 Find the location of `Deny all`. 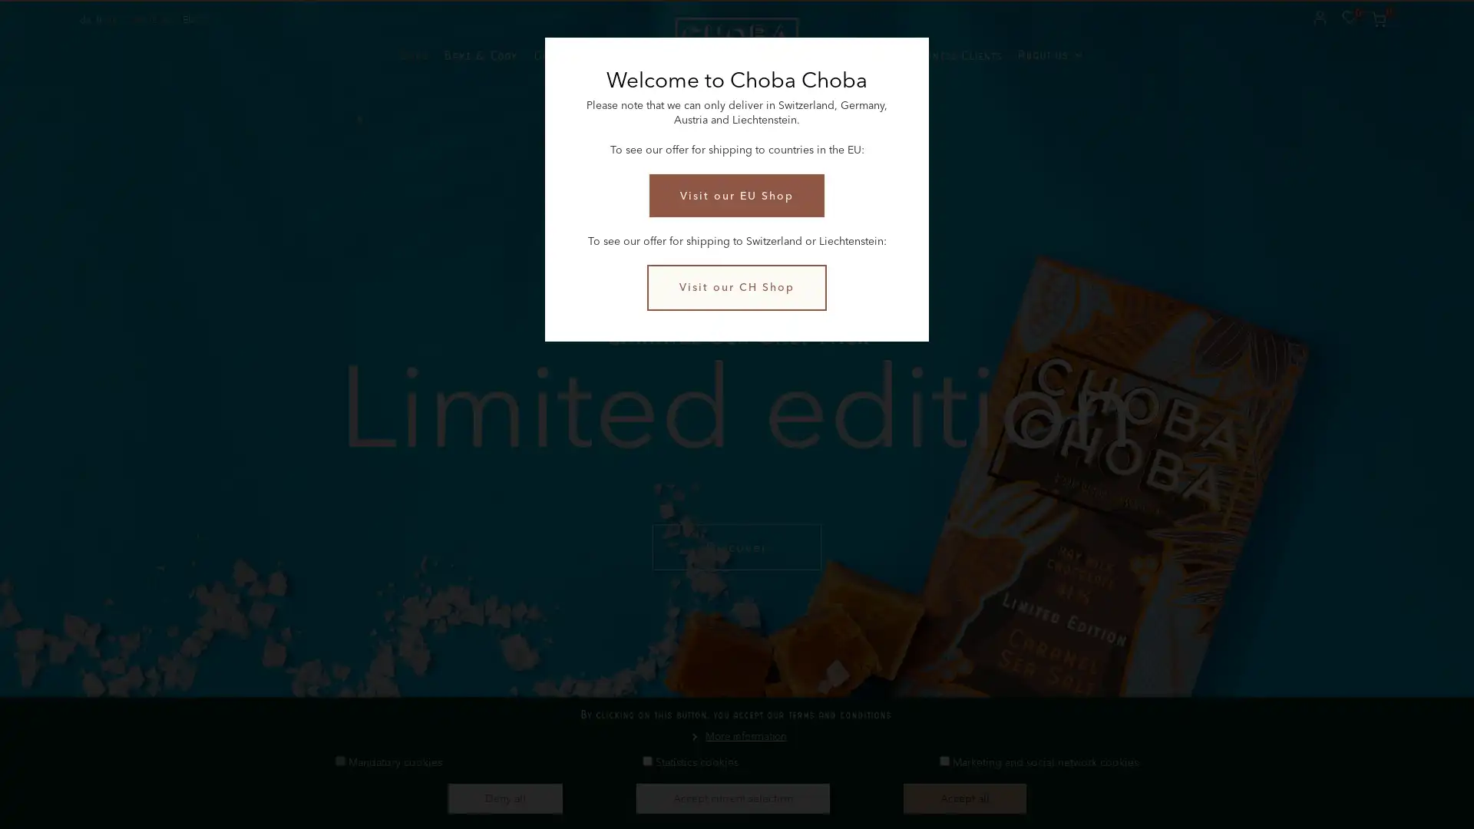

Deny all is located at coordinates (504, 798).